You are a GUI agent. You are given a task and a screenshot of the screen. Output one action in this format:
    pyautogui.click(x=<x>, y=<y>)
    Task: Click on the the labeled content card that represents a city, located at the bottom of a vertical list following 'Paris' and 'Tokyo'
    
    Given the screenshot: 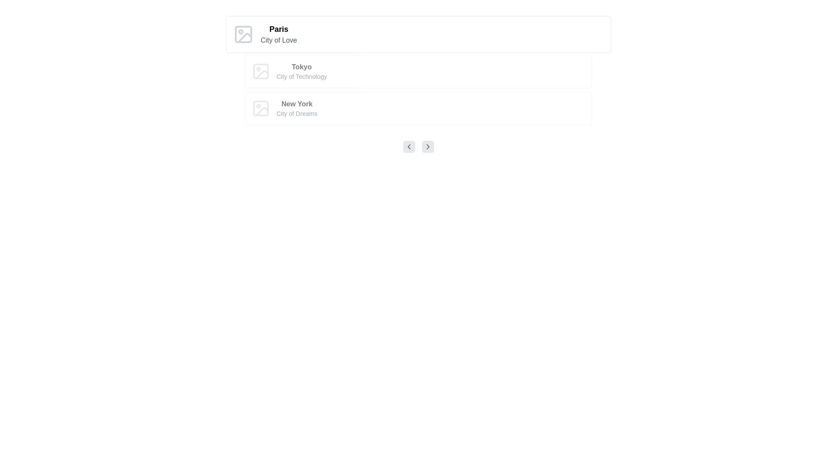 What is the action you would take?
    pyautogui.click(x=297, y=108)
    